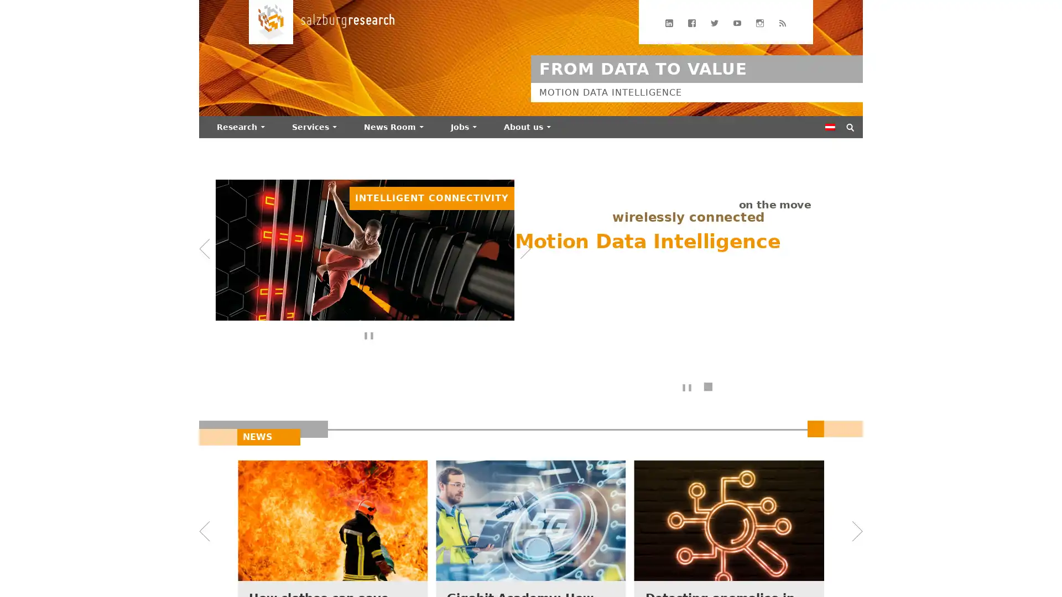  Describe the element at coordinates (897, 125) in the screenshot. I see `Suchen` at that location.